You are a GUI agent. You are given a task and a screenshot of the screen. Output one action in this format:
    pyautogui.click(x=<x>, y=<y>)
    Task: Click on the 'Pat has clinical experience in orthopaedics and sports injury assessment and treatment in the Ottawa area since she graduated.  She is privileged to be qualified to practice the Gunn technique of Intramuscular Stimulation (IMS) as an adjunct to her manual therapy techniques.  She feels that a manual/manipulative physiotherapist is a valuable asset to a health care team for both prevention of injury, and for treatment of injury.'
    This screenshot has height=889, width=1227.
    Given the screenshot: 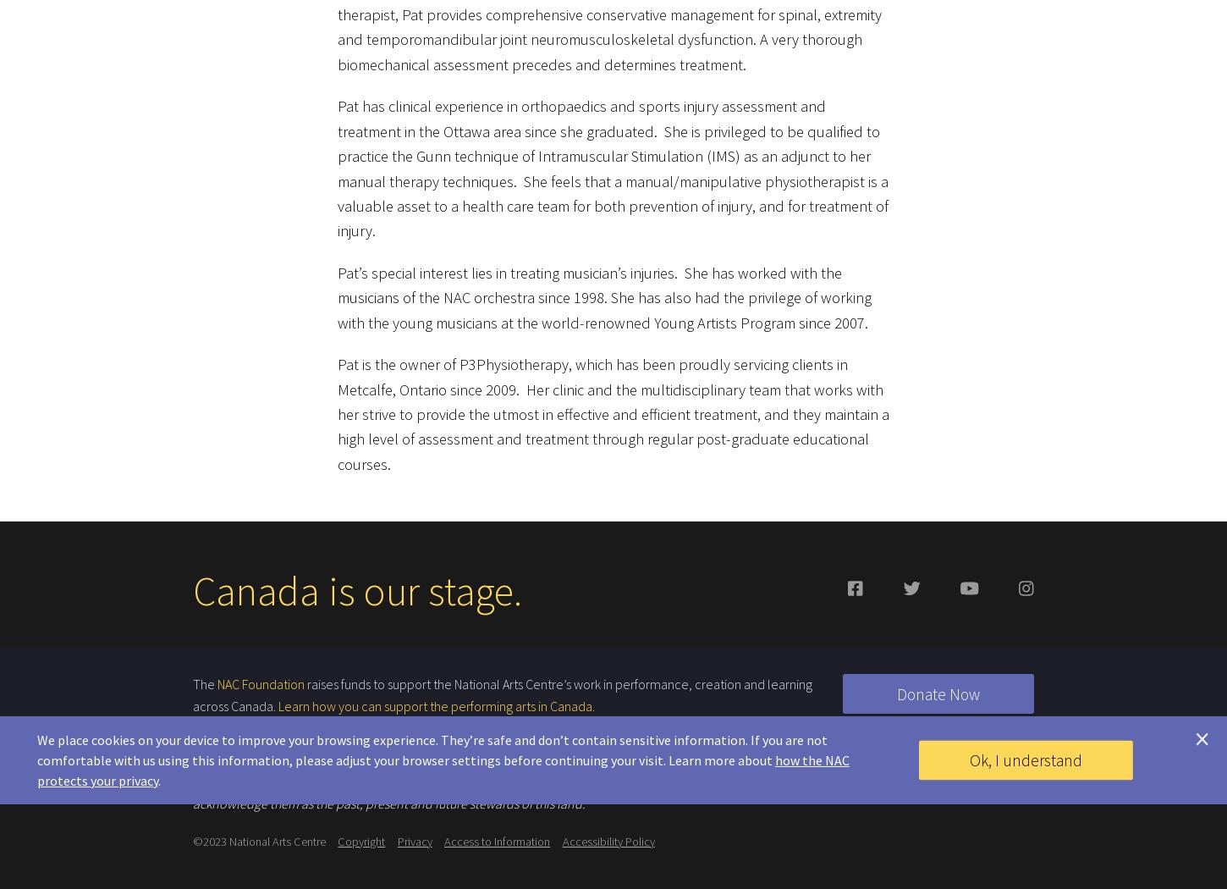 What is the action you would take?
    pyautogui.click(x=336, y=159)
    